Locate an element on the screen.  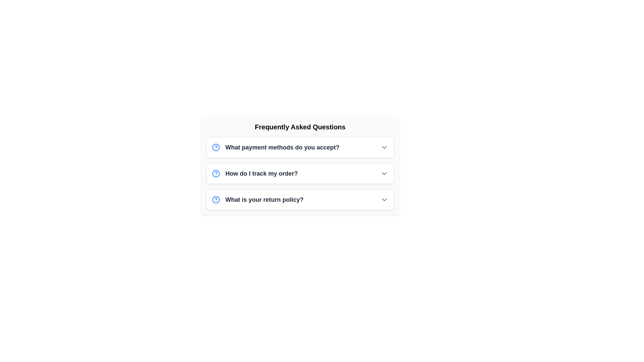
the decorative circular element located to the left of the text 'What payment methods do you accept?' in the FAQ section is located at coordinates (216, 147).